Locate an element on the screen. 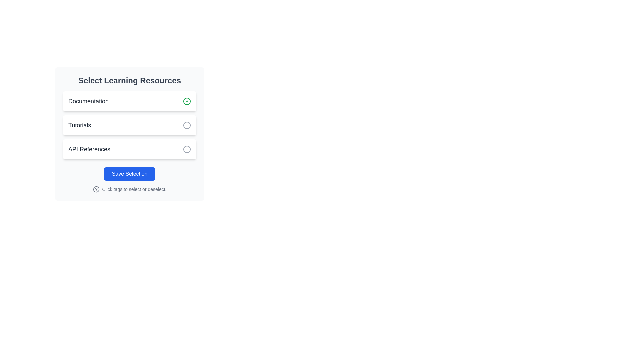 This screenshot has width=640, height=360. the decorative circle that outlines the confirmation checkmark icon next to the 'Documentation' option in the list of selectable learning resource types is located at coordinates (187, 101).